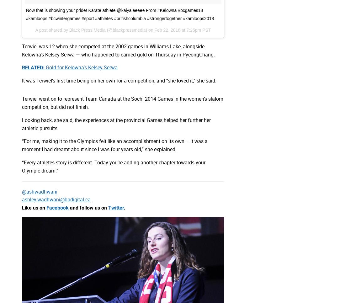 Image resolution: width=345 pixels, height=303 pixels. What do you see at coordinates (118, 50) in the screenshot?
I see `'Terwiel was 12 when she competed at the 2002 games in Williams Lake, alongside Kelowna’s Kelsey Serwa — who happened to earned gold on Thursday in PyeongChang.'` at bounding box center [118, 50].